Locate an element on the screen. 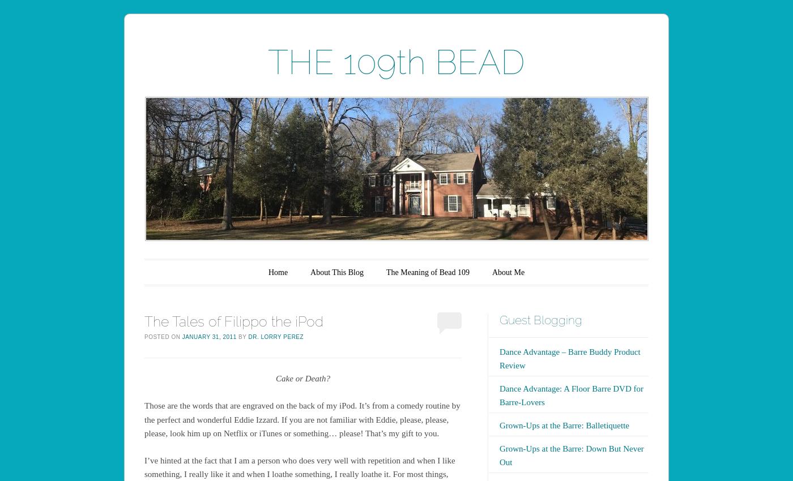 The image size is (793, 481). 'Main menu' is located at coordinates (180, 268).